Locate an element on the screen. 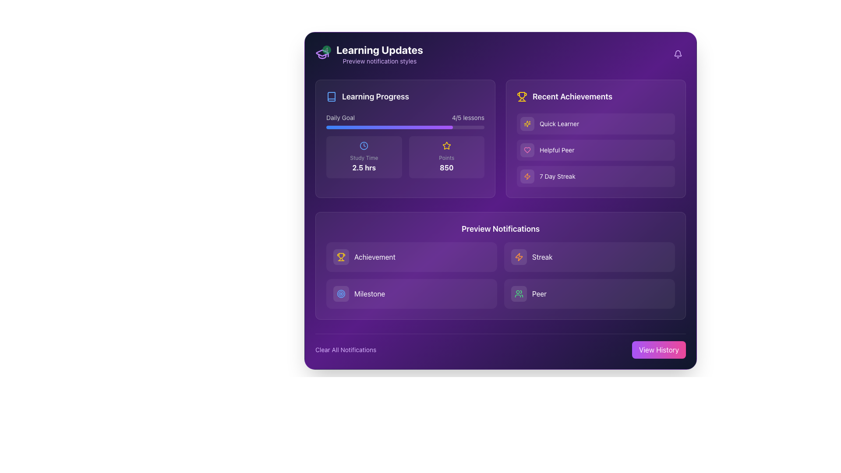  the actionable card button located in the 'Preview Notifications' section, right column, second row, below 'Achievement' card and above 'Peer' card is located at coordinates (589, 256).